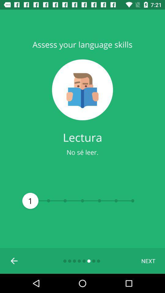  What do you see at coordinates (14, 260) in the screenshot?
I see `previous screen` at bounding box center [14, 260].